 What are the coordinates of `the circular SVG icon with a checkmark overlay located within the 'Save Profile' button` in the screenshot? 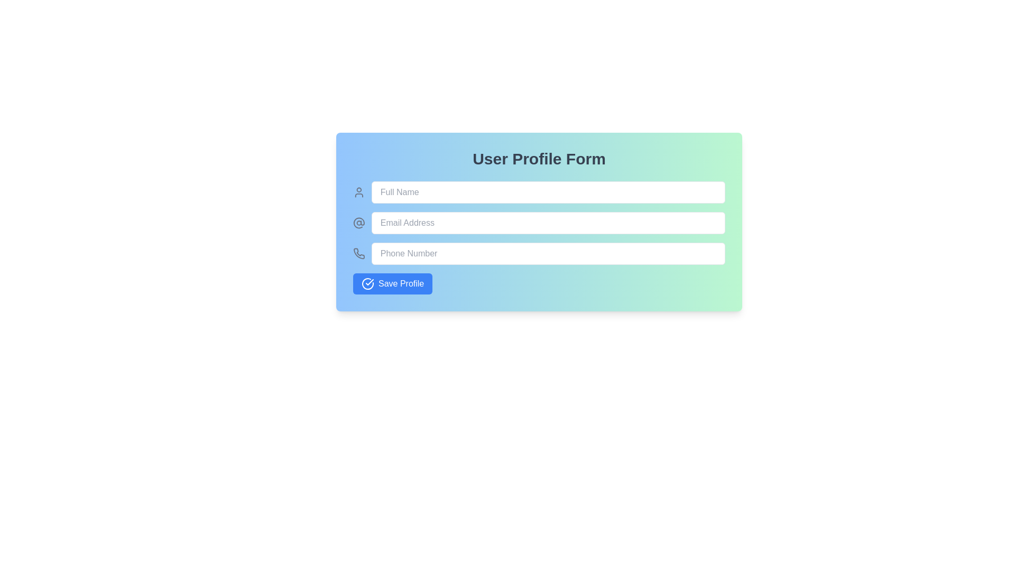 It's located at (368, 283).